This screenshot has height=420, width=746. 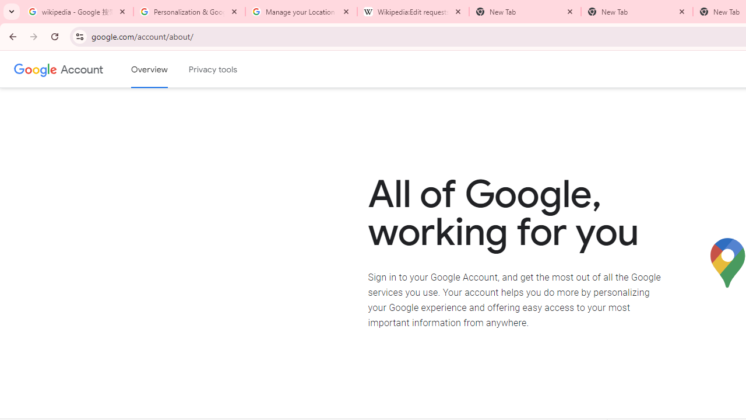 What do you see at coordinates (36, 69) in the screenshot?
I see `'Google logo'` at bounding box center [36, 69].